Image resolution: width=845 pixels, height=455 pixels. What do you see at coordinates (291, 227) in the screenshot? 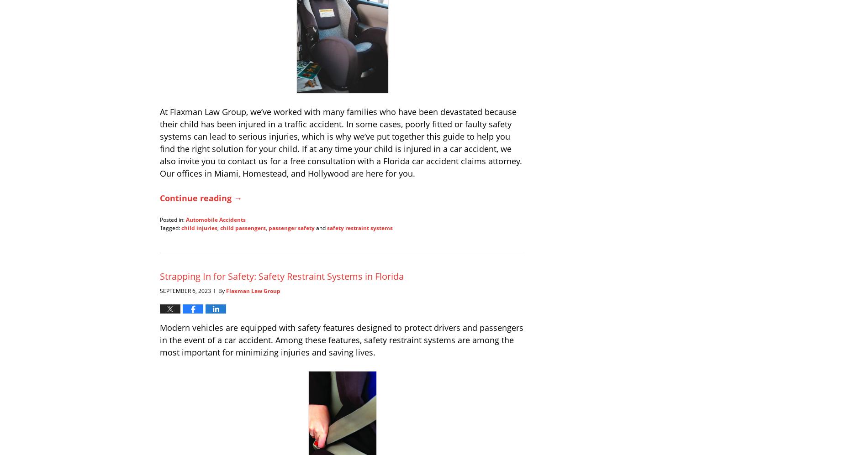
I see `'passenger safety'` at bounding box center [291, 227].